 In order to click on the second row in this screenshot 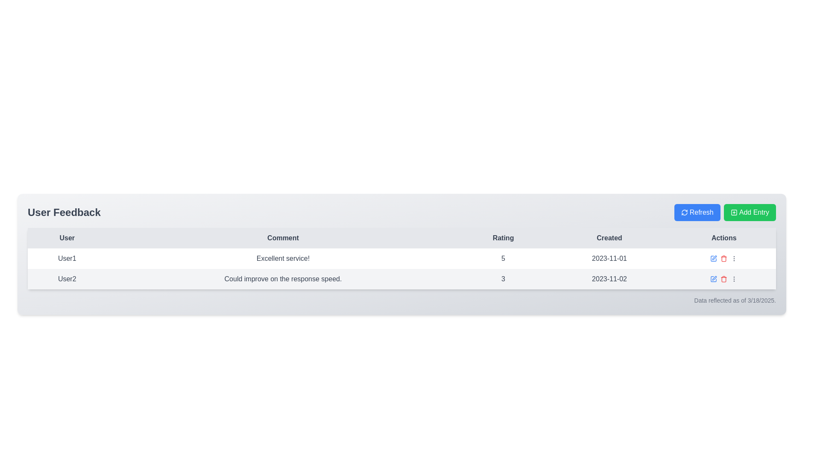, I will do `click(401, 279)`.